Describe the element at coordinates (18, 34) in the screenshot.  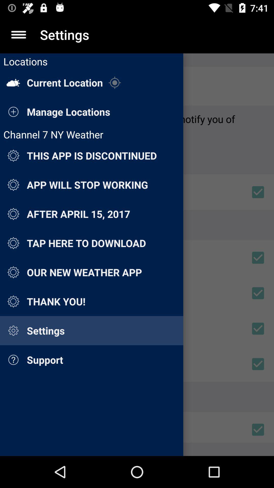
I see `the menu icon` at that location.